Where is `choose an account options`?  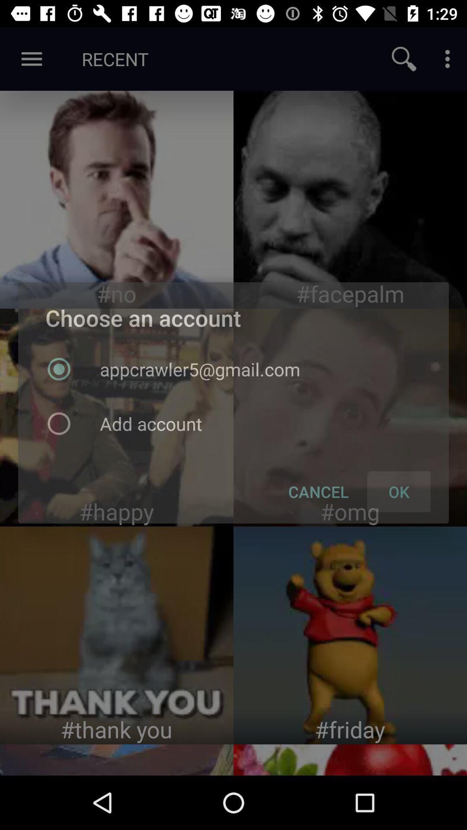
choose an account options is located at coordinates (117, 417).